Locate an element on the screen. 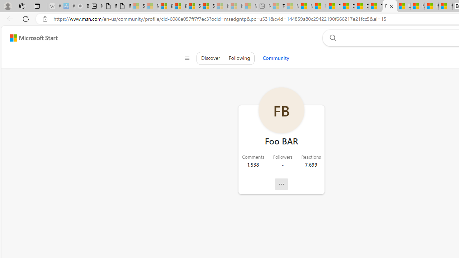 This screenshot has width=459, height=258. 'US Heat Deaths Soared To Record High Last Year' is located at coordinates (404, 6).